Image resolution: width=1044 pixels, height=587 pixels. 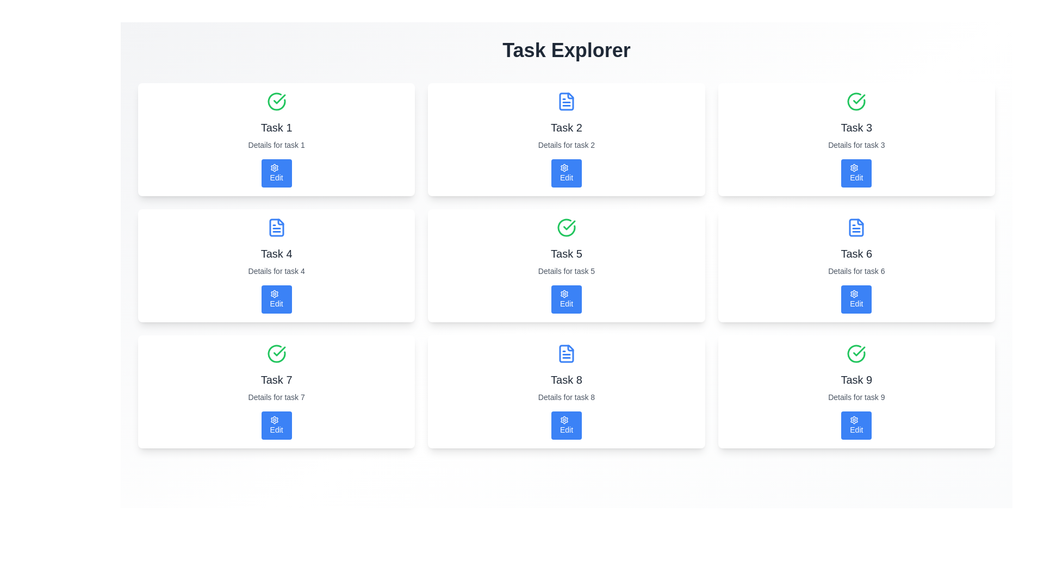 I want to click on the text label displaying 'Details for task 5', which is styled in a small, gray font and positioned directly below the 'Task 5' label, so click(x=565, y=270).